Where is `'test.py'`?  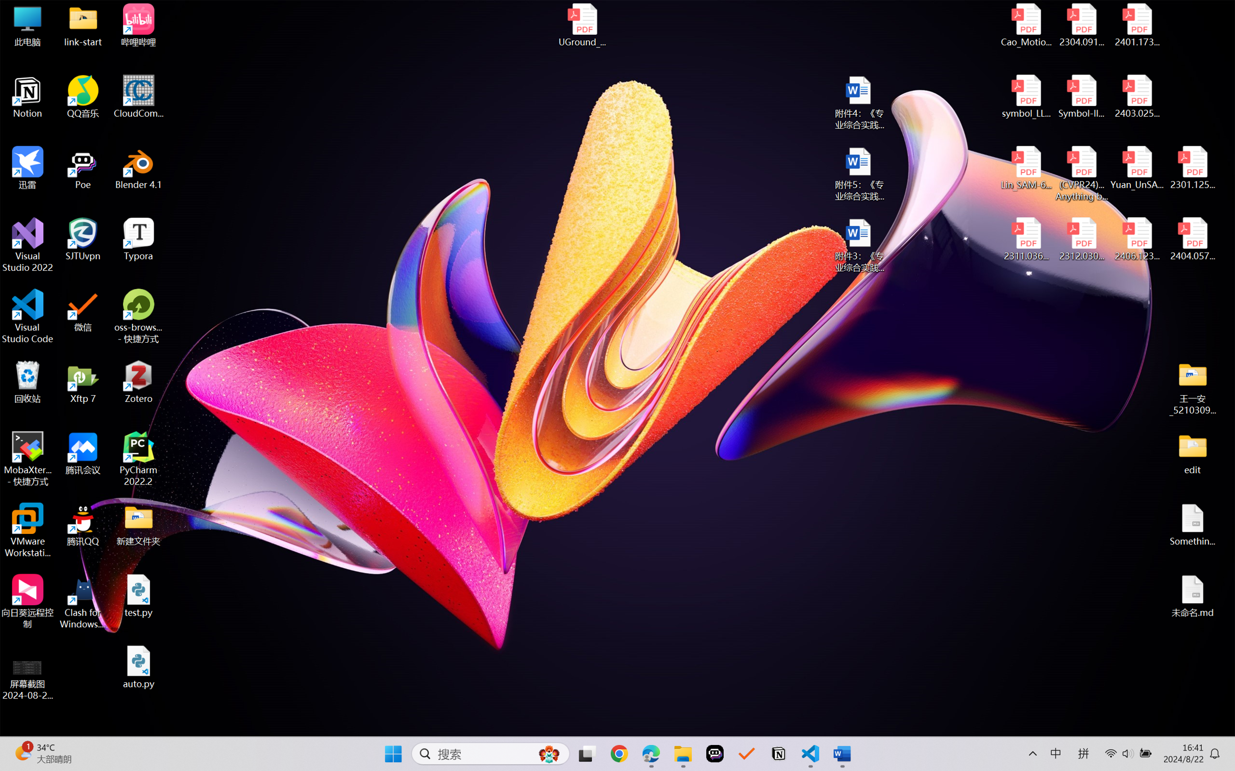 'test.py' is located at coordinates (138, 595).